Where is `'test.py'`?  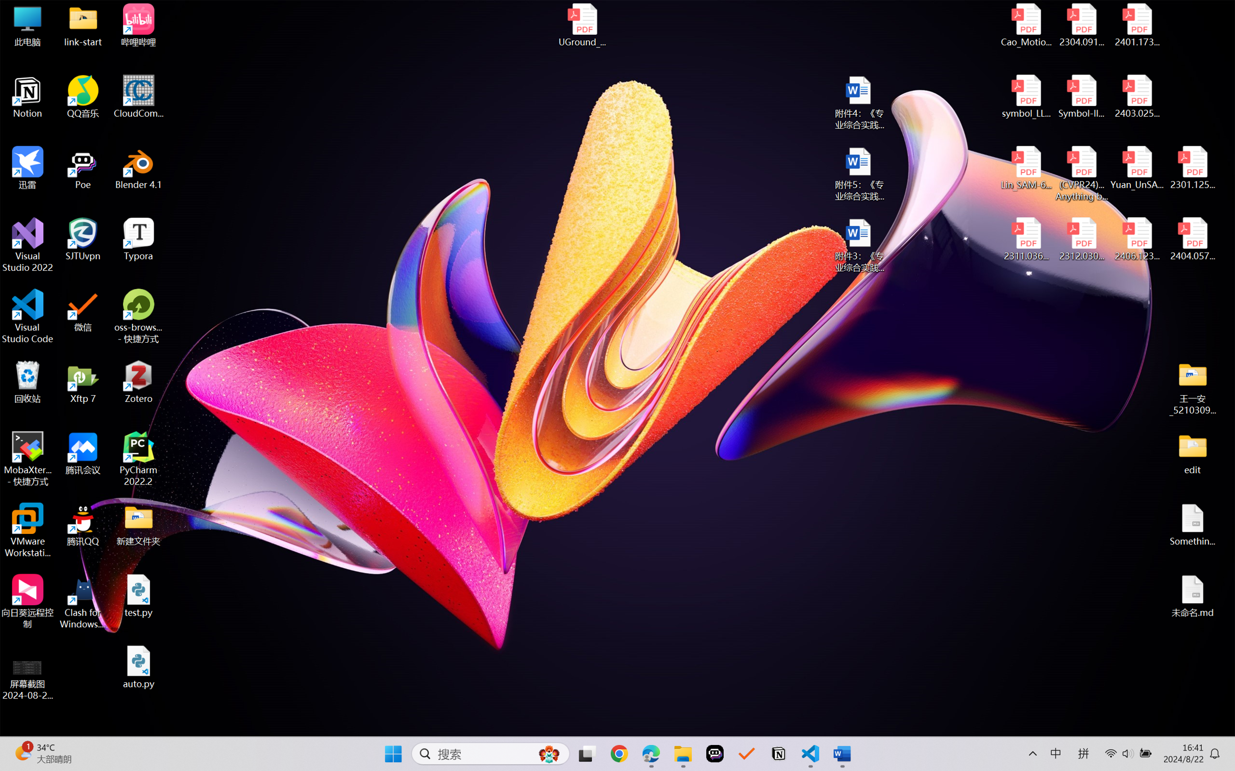 'test.py' is located at coordinates (138, 595).